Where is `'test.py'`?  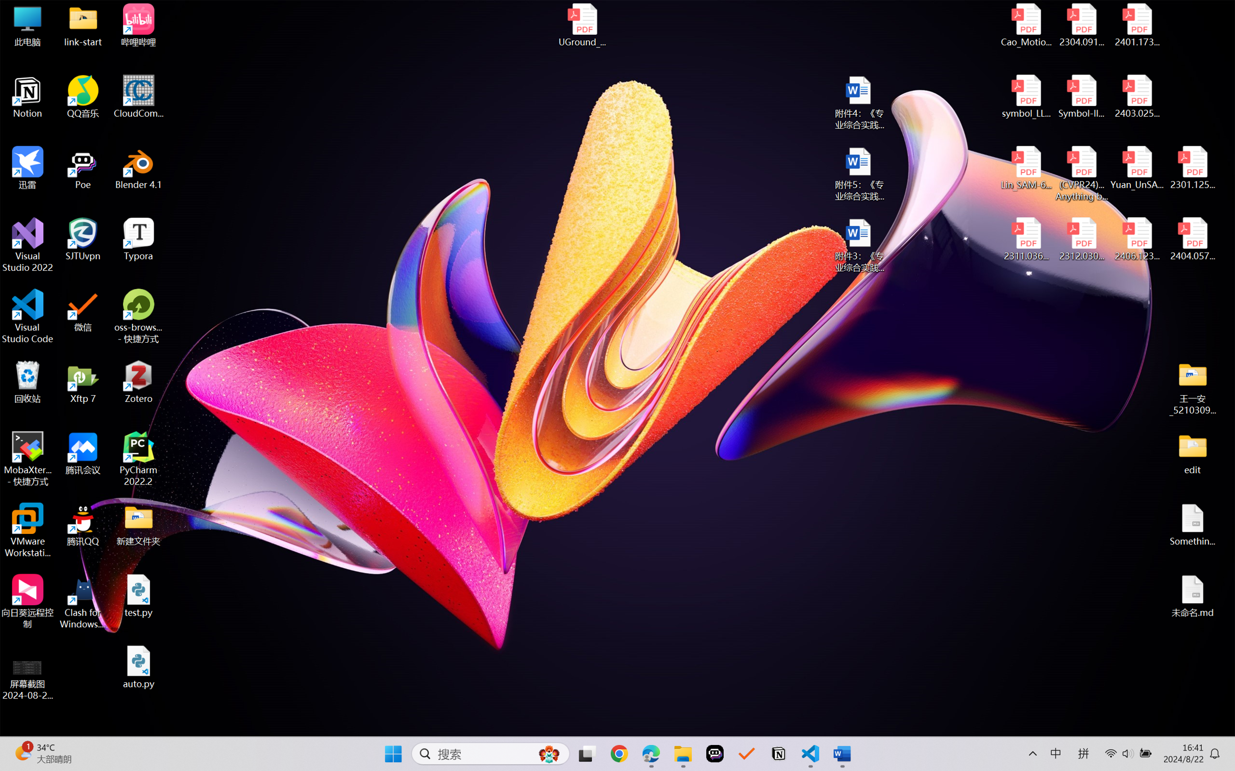 'test.py' is located at coordinates (138, 595).